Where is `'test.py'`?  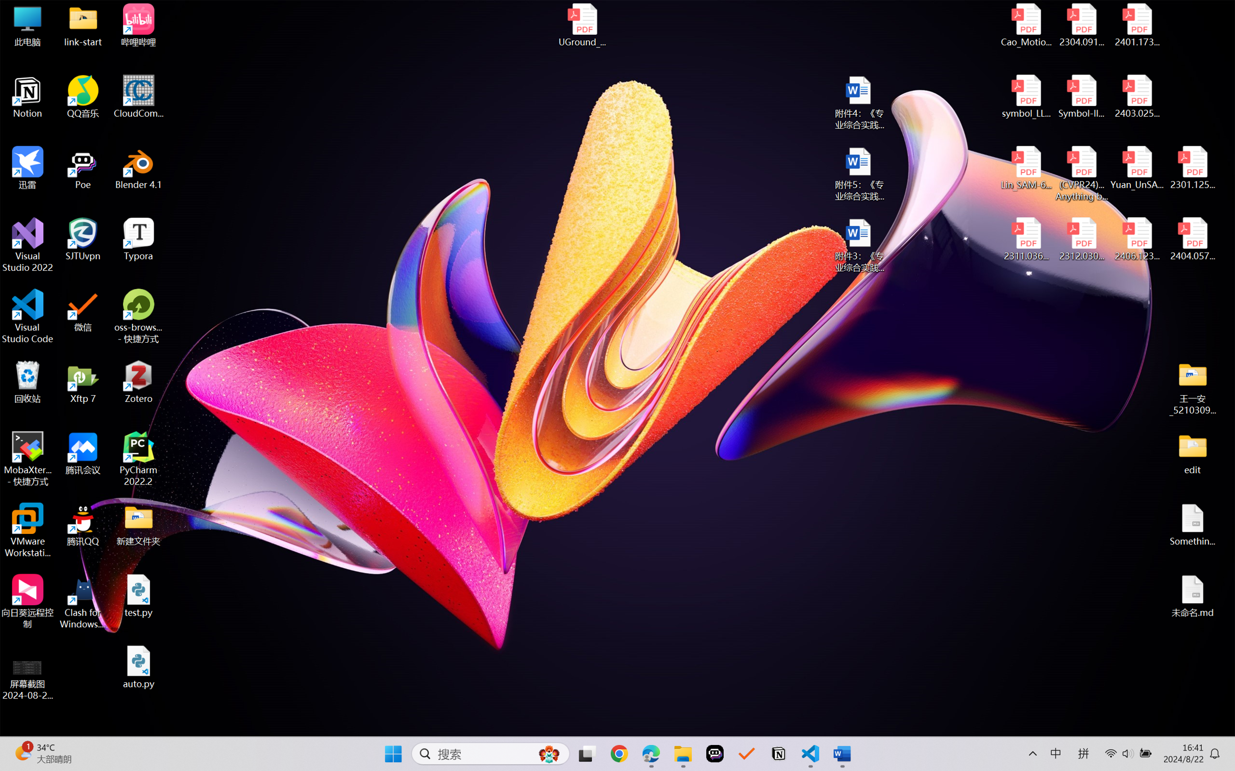 'test.py' is located at coordinates (138, 595).